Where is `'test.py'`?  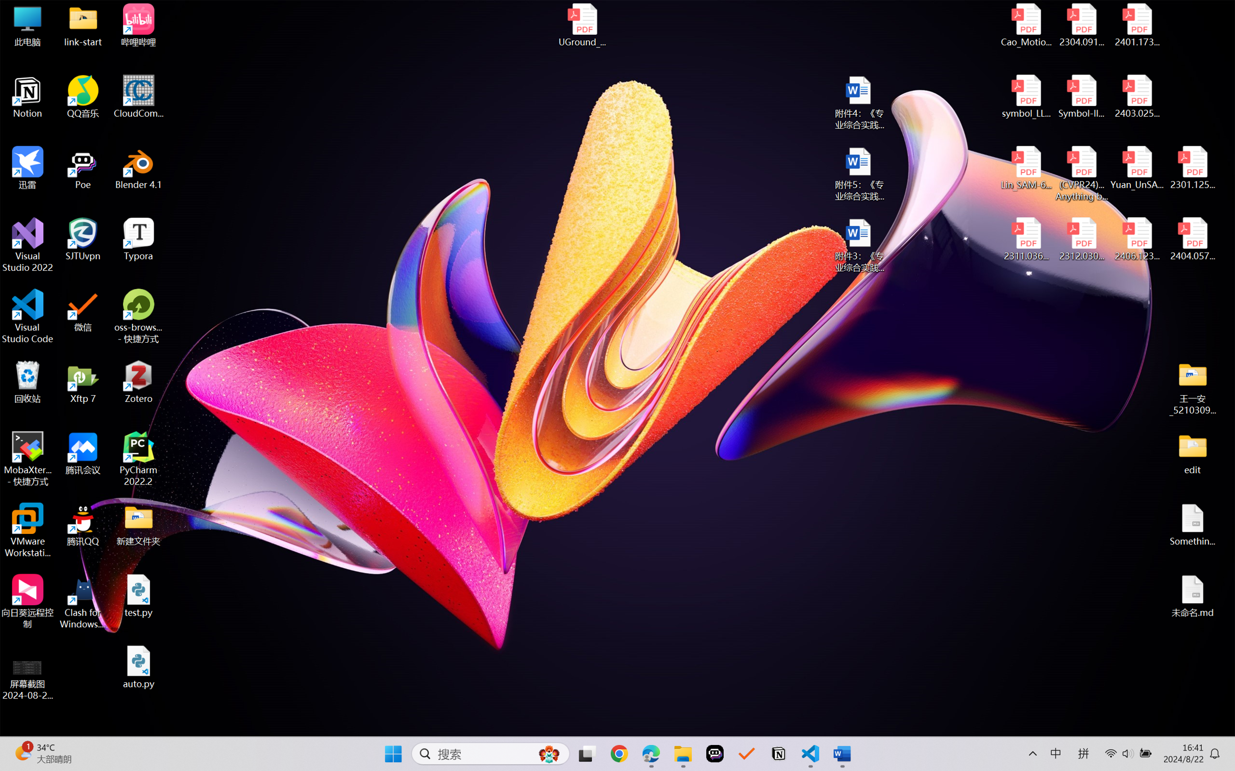 'test.py' is located at coordinates (138, 595).